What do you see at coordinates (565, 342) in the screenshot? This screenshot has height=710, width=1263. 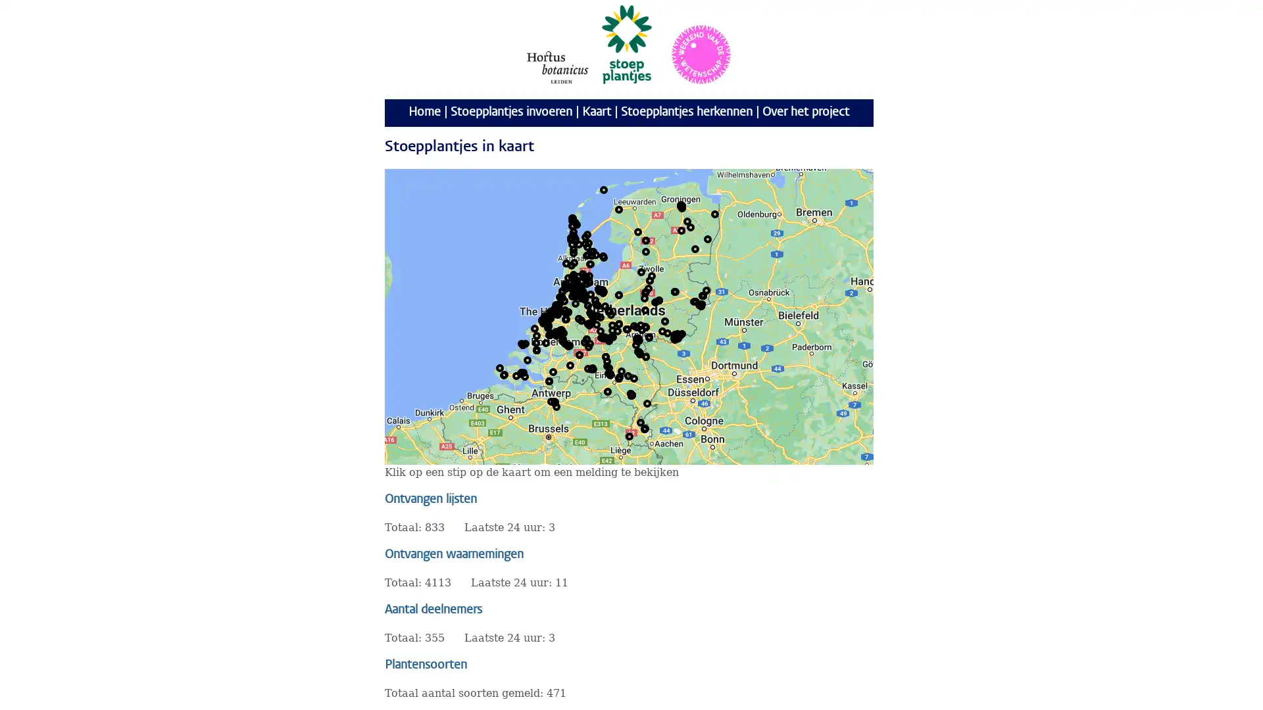 I see `Telling van op 06 november 2021` at bounding box center [565, 342].